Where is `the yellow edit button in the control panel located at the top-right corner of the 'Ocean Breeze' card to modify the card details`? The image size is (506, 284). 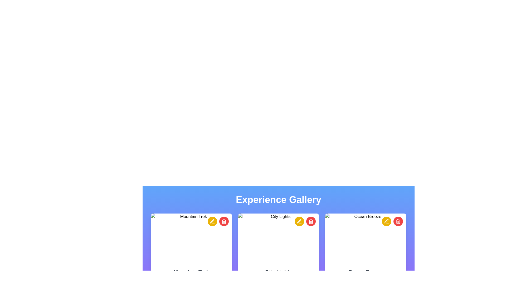
the yellow edit button in the control panel located at the top-right corner of the 'Ocean Breeze' card to modify the card details is located at coordinates (392, 221).